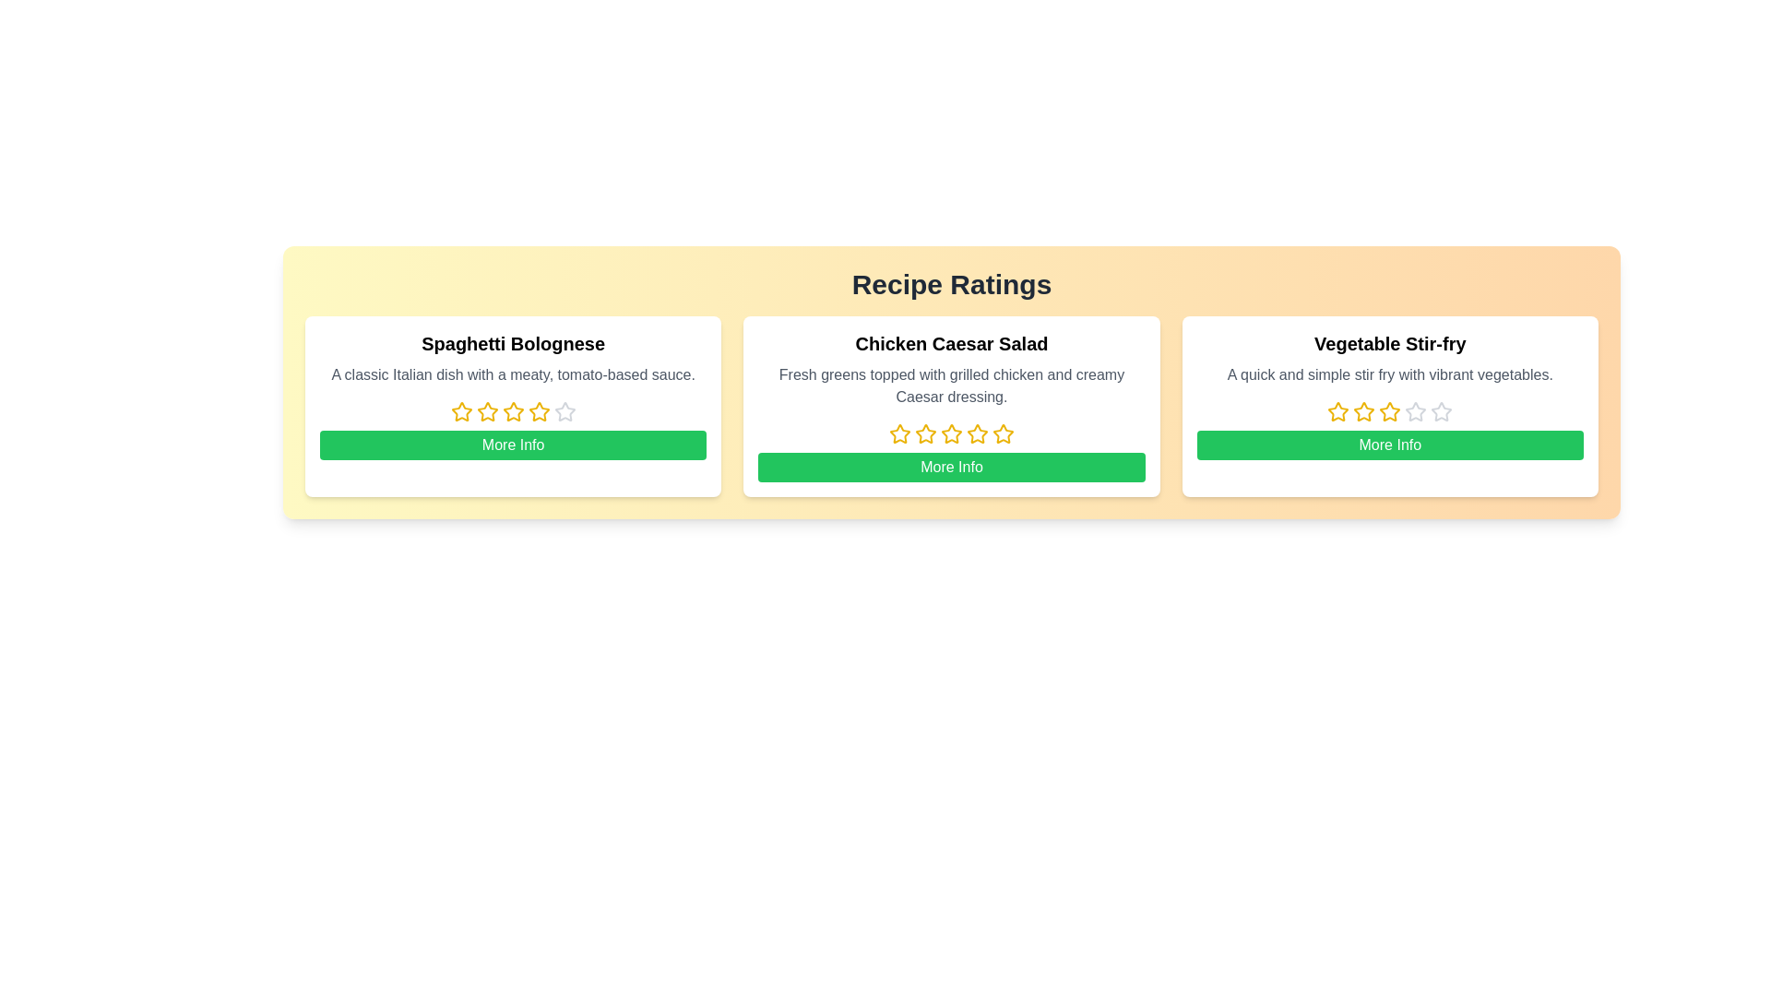 Image resolution: width=1771 pixels, height=996 pixels. What do you see at coordinates (513, 445) in the screenshot?
I see `the 'More Info' button for the recipe identified by Spaghetti Bolognese` at bounding box center [513, 445].